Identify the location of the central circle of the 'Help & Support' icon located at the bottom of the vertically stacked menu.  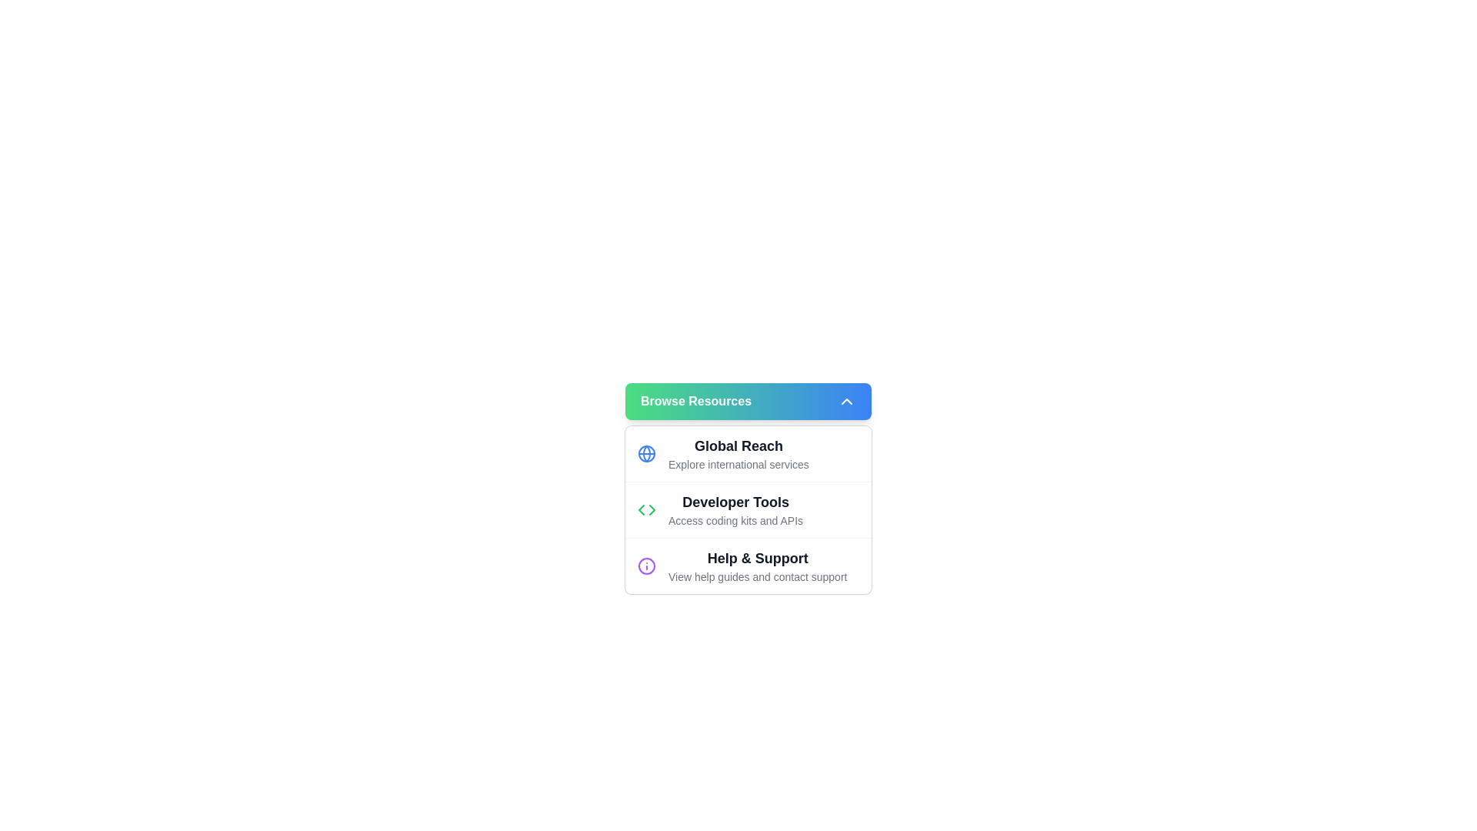
(646, 566).